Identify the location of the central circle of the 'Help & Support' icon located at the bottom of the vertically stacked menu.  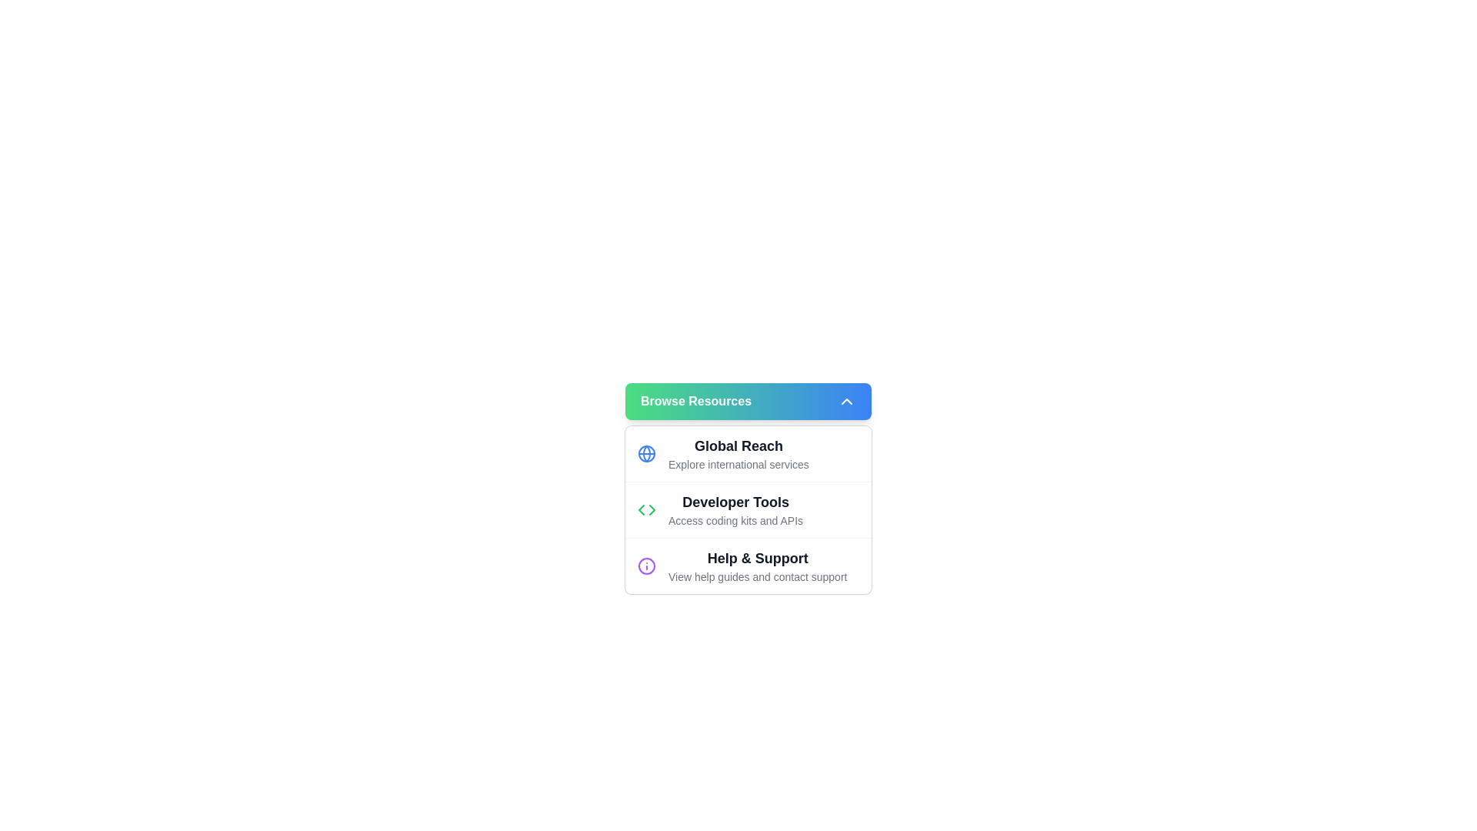
(646, 566).